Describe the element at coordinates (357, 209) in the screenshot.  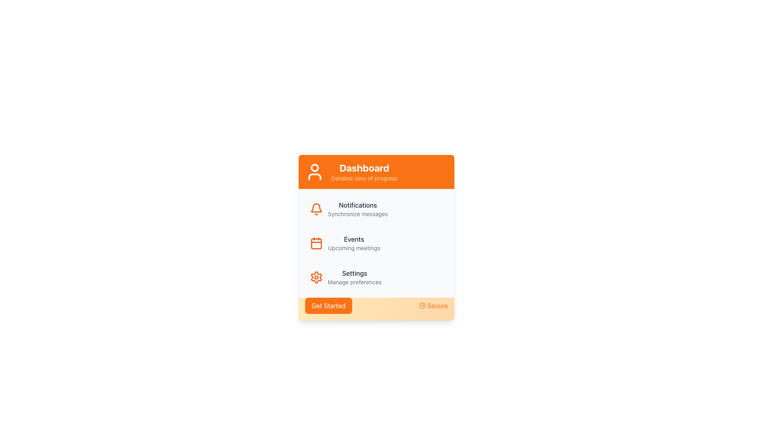
I see `the 'Notifications' text label, which consists of two lines of text, with 'Notifications' in bold dark gray and 'Synchronize messages' in smaller light gray, located in the middle section of the white panel below the orange header titled 'Dashboard'` at that location.